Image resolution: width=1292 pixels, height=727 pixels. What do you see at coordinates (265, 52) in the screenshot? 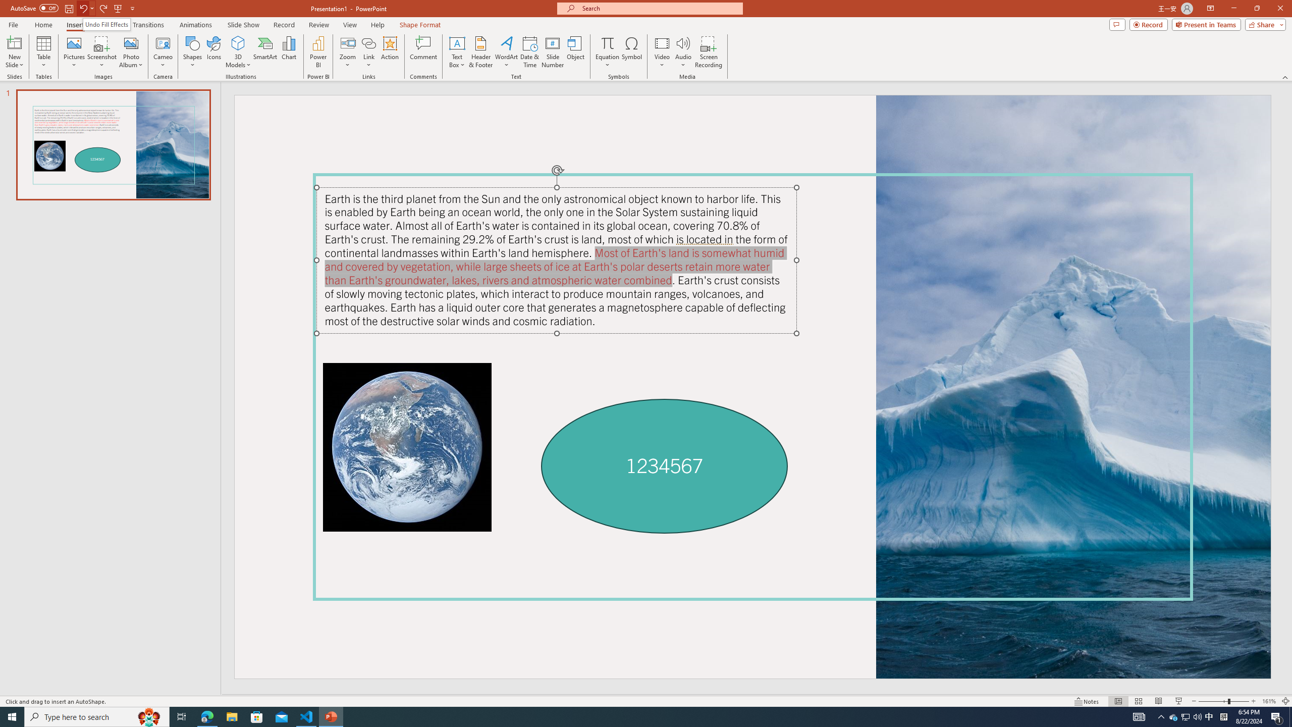
I see `'SmartArt...'` at bounding box center [265, 52].